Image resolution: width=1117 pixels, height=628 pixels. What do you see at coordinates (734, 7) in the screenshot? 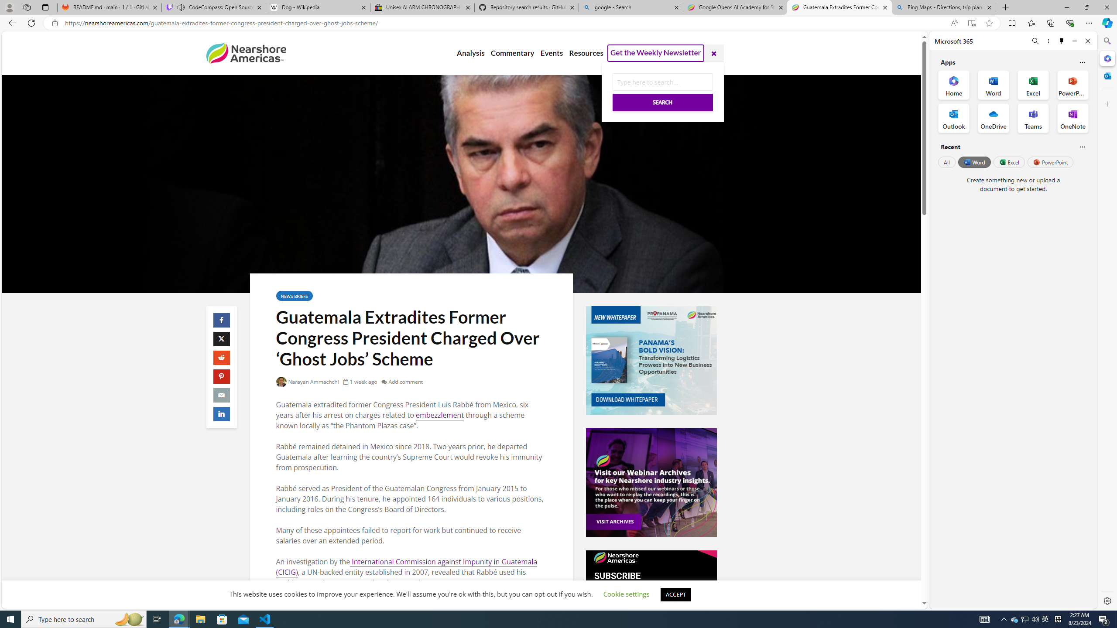
I see `'Google Opens AI Academy for Startups - Nearshore Americas'` at bounding box center [734, 7].